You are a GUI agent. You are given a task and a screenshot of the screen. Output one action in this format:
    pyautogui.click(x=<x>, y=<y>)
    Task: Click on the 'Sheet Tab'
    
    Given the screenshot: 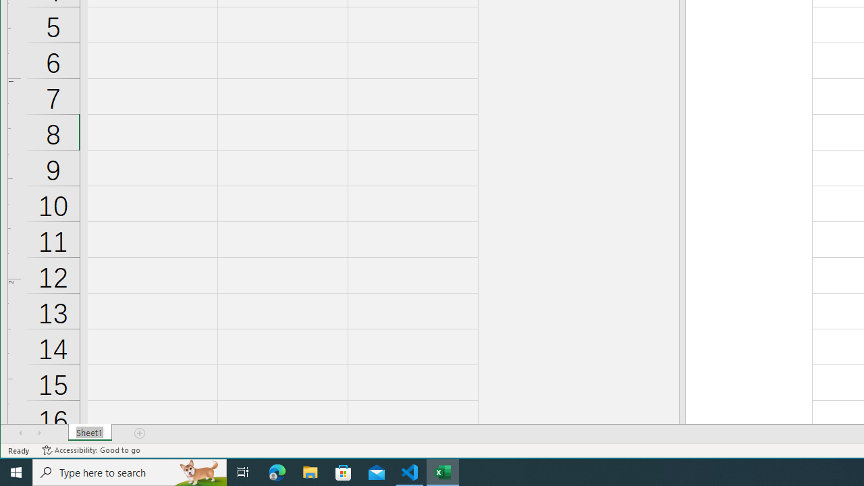 What is the action you would take?
    pyautogui.click(x=89, y=433)
    